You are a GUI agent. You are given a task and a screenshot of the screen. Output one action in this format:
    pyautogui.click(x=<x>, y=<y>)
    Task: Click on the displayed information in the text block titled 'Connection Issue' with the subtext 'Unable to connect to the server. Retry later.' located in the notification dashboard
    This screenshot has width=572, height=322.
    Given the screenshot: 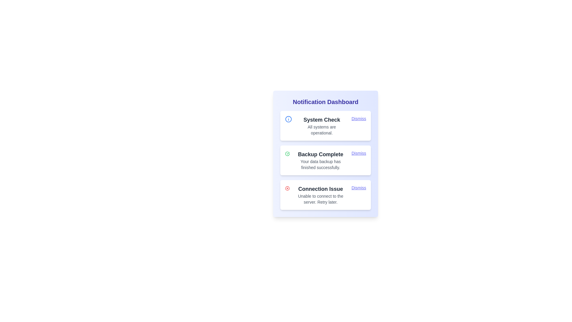 What is the action you would take?
    pyautogui.click(x=320, y=195)
    